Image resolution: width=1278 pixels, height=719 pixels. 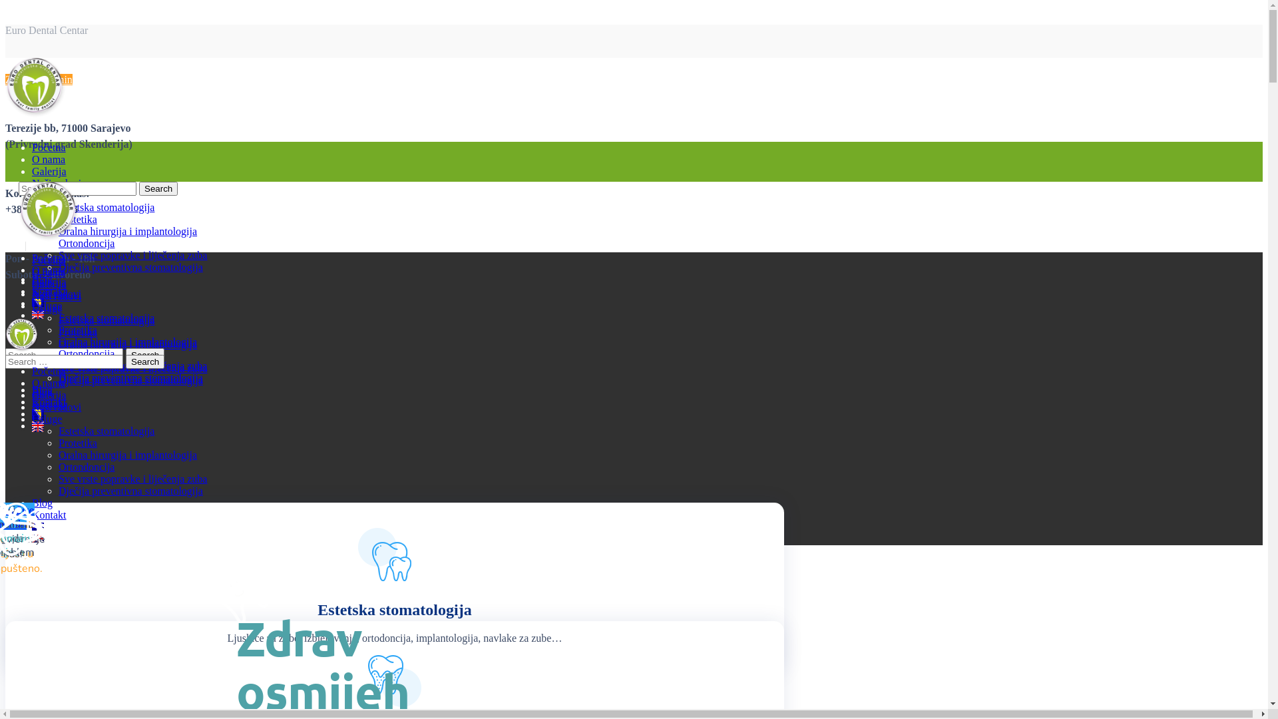 What do you see at coordinates (57, 466) in the screenshot?
I see `'Ortondoncija'` at bounding box center [57, 466].